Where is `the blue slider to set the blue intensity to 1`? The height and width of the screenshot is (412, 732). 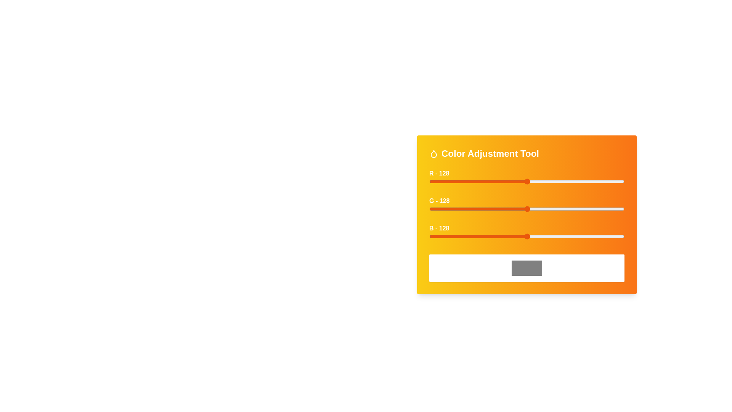 the blue slider to set the blue intensity to 1 is located at coordinates (430, 236).